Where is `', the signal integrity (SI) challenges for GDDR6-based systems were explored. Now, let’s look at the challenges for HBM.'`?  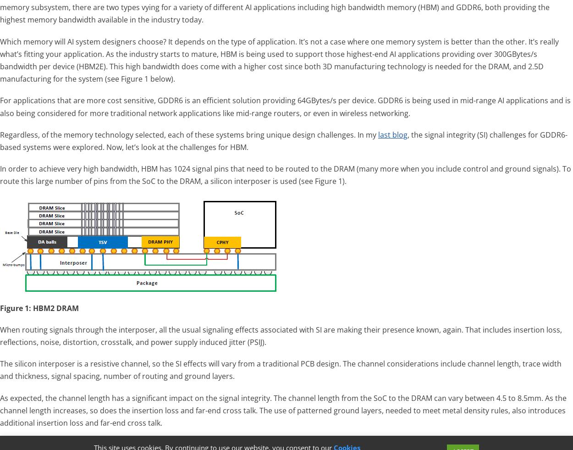
', the signal integrity (SI) challenges for GDDR6-based systems were explored. Now, let’s look at the challenges for HBM.' is located at coordinates (0, 140).